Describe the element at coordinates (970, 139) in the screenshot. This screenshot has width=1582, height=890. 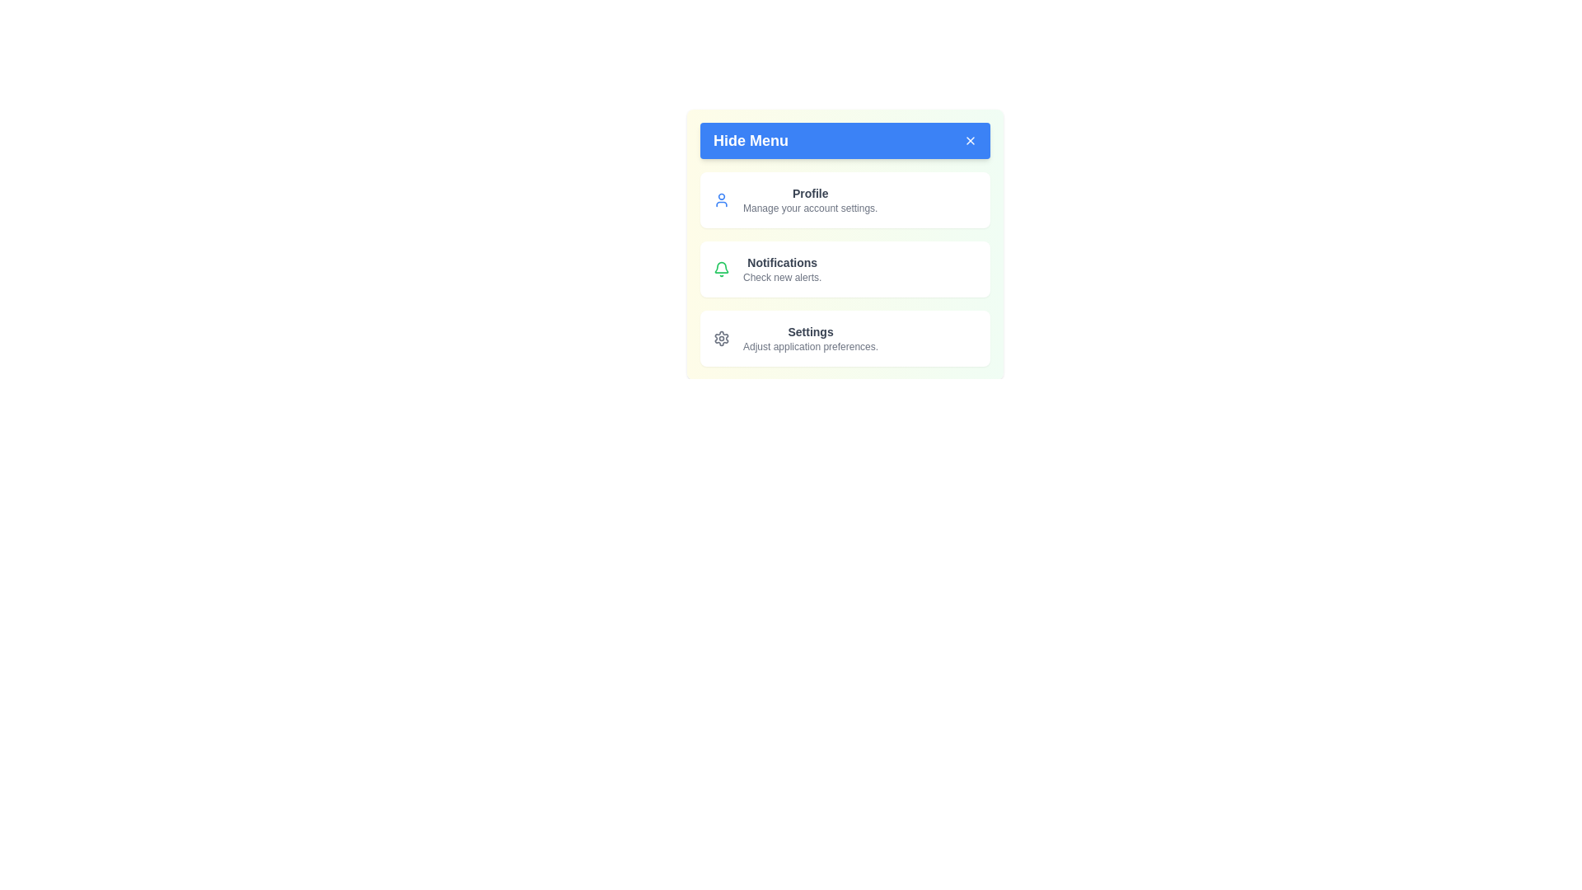
I see `the close button to hide the menu` at that location.